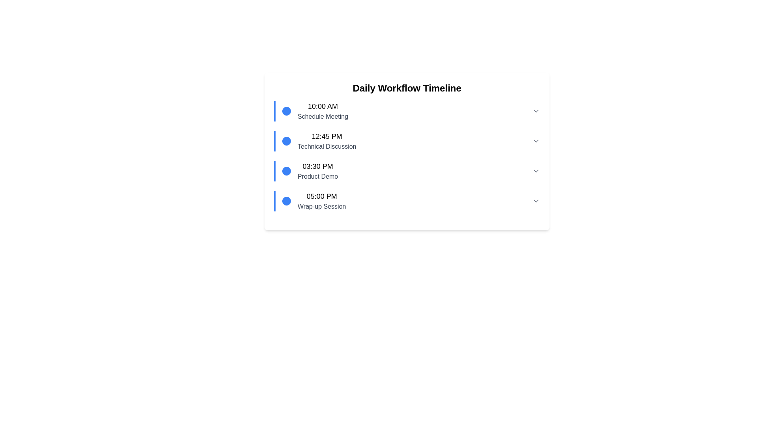  Describe the element at coordinates (536, 171) in the screenshot. I see `the toggle button located on the far-right side of the '03:30 PM Product Demo' timeline entry` at that location.